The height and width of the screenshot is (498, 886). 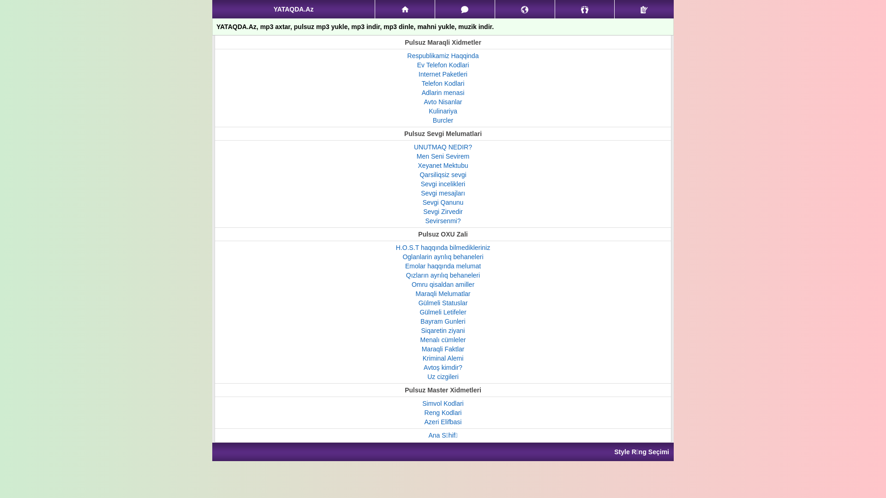 What do you see at coordinates (442, 110) in the screenshot?
I see `'Kulinariya'` at bounding box center [442, 110].